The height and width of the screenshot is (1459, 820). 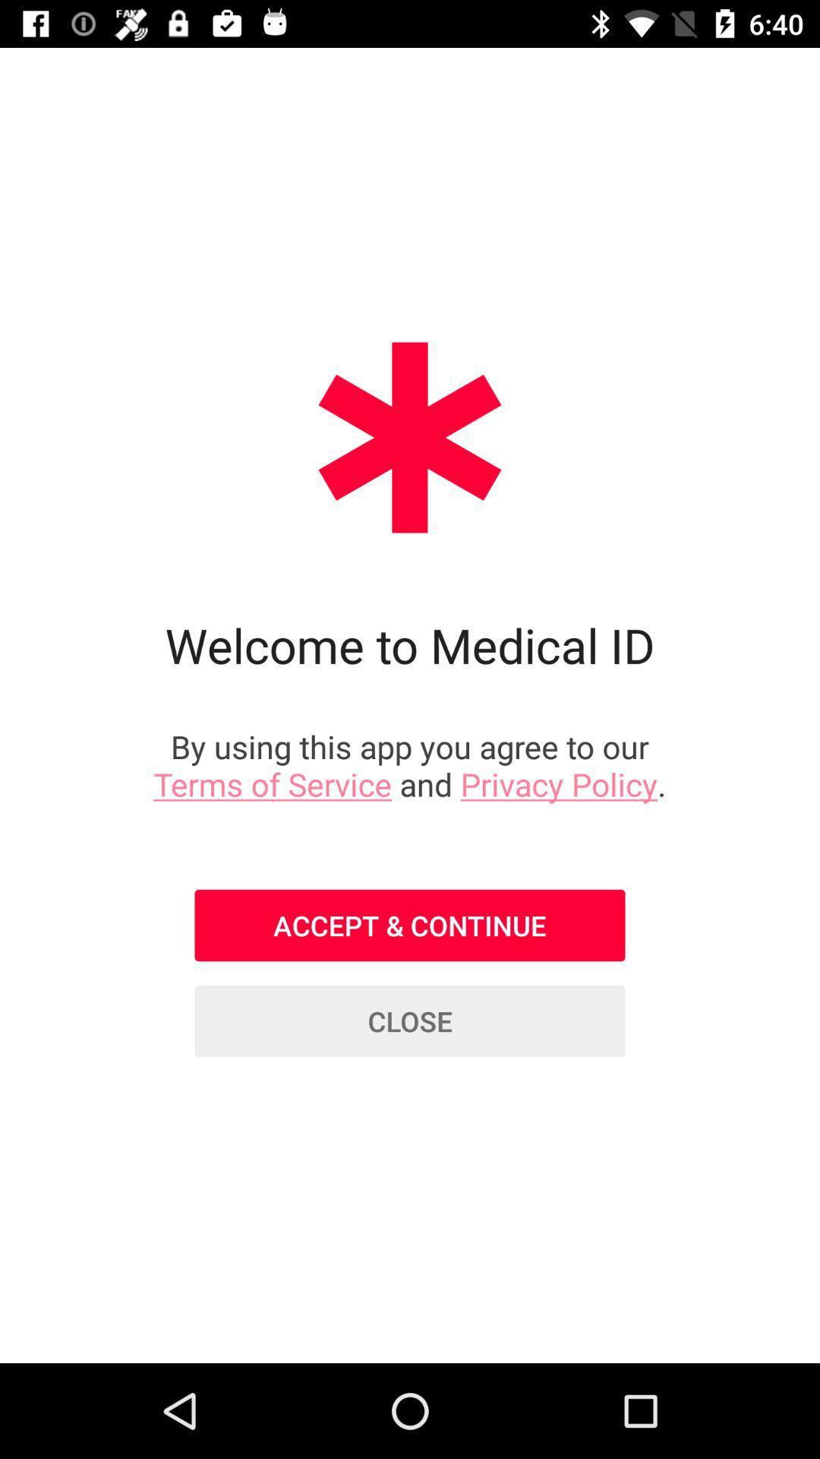 I want to click on the icon above the close icon, so click(x=410, y=925).